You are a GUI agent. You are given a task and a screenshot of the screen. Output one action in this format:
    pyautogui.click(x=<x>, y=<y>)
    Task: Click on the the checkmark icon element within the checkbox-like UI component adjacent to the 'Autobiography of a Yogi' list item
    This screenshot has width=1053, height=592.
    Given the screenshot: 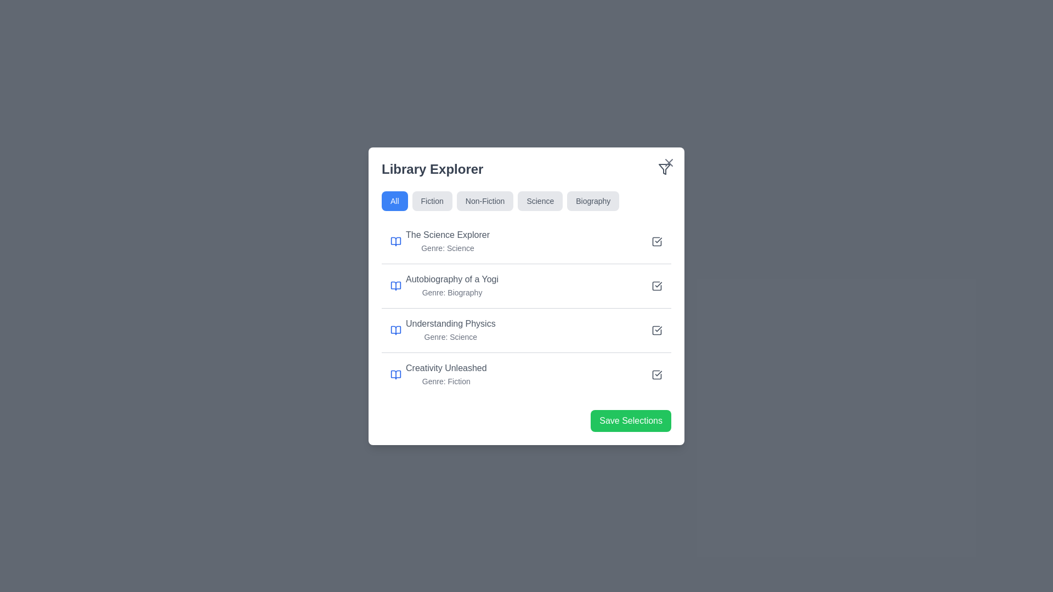 What is the action you would take?
    pyautogui.click(x=657, y=285)
    